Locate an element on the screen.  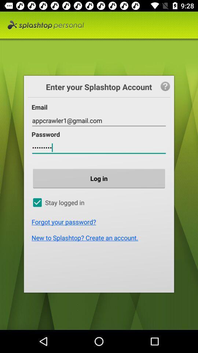
the option which is below log in is located at coordinates (99, 203).